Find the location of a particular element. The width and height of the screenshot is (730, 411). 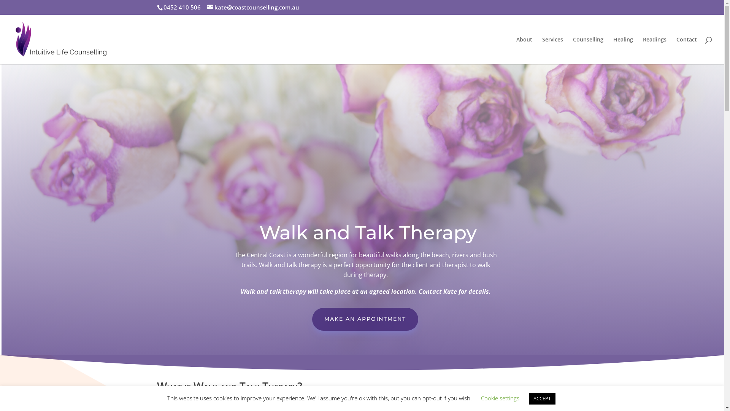

'MAKE AN APPOINTMENT' is located at coordinates (312, 319).